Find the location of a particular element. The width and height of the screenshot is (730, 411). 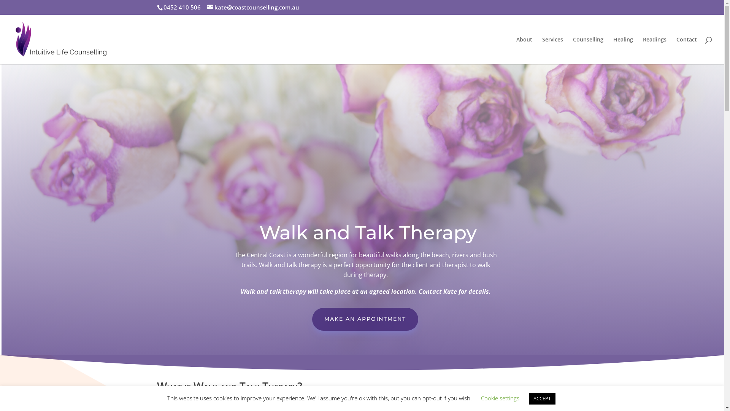

'MAKE AN APPOINTMENT' is located at coordinates (312, 319).